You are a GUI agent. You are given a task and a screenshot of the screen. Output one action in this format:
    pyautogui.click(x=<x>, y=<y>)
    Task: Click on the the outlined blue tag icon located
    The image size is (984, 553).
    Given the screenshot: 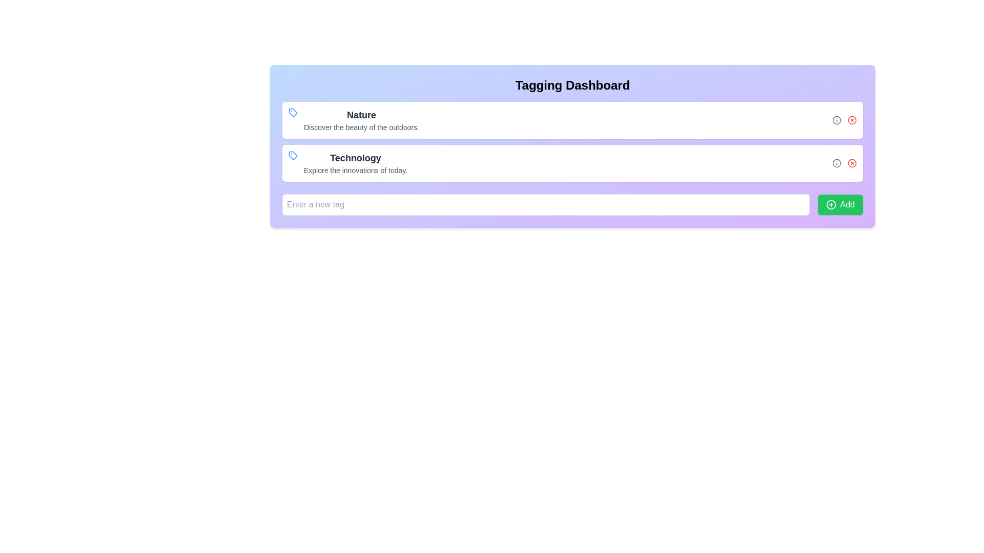 What is the action you would take?
    pyautogui.click(x=292, y=112)
    